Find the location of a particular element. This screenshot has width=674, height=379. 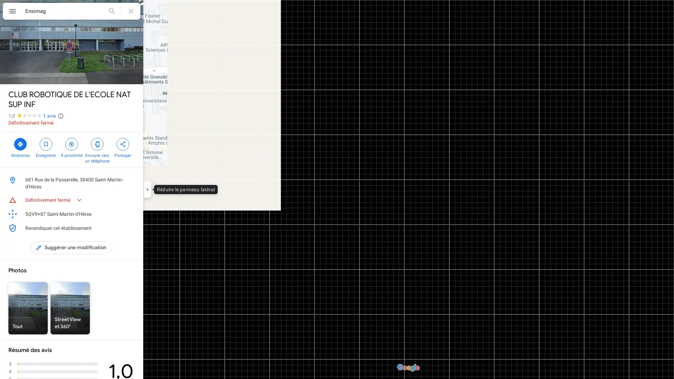

En savoir plus sur les plus codes is located at coordinates (131, 213).